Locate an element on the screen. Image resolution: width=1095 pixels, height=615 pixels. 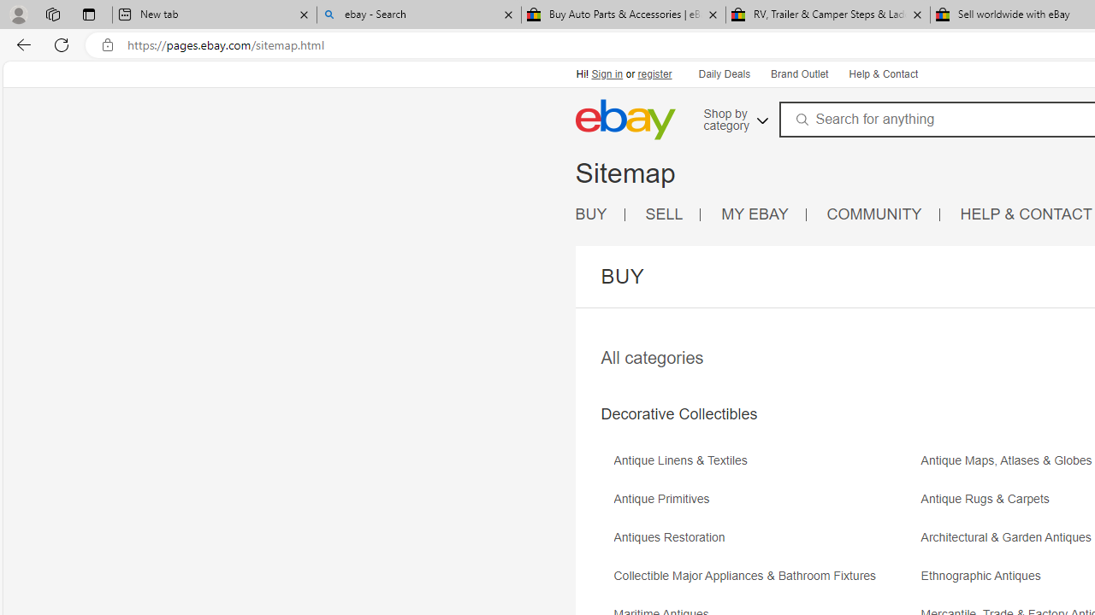
'Help & Contact' is located at coordinates (882, 73).